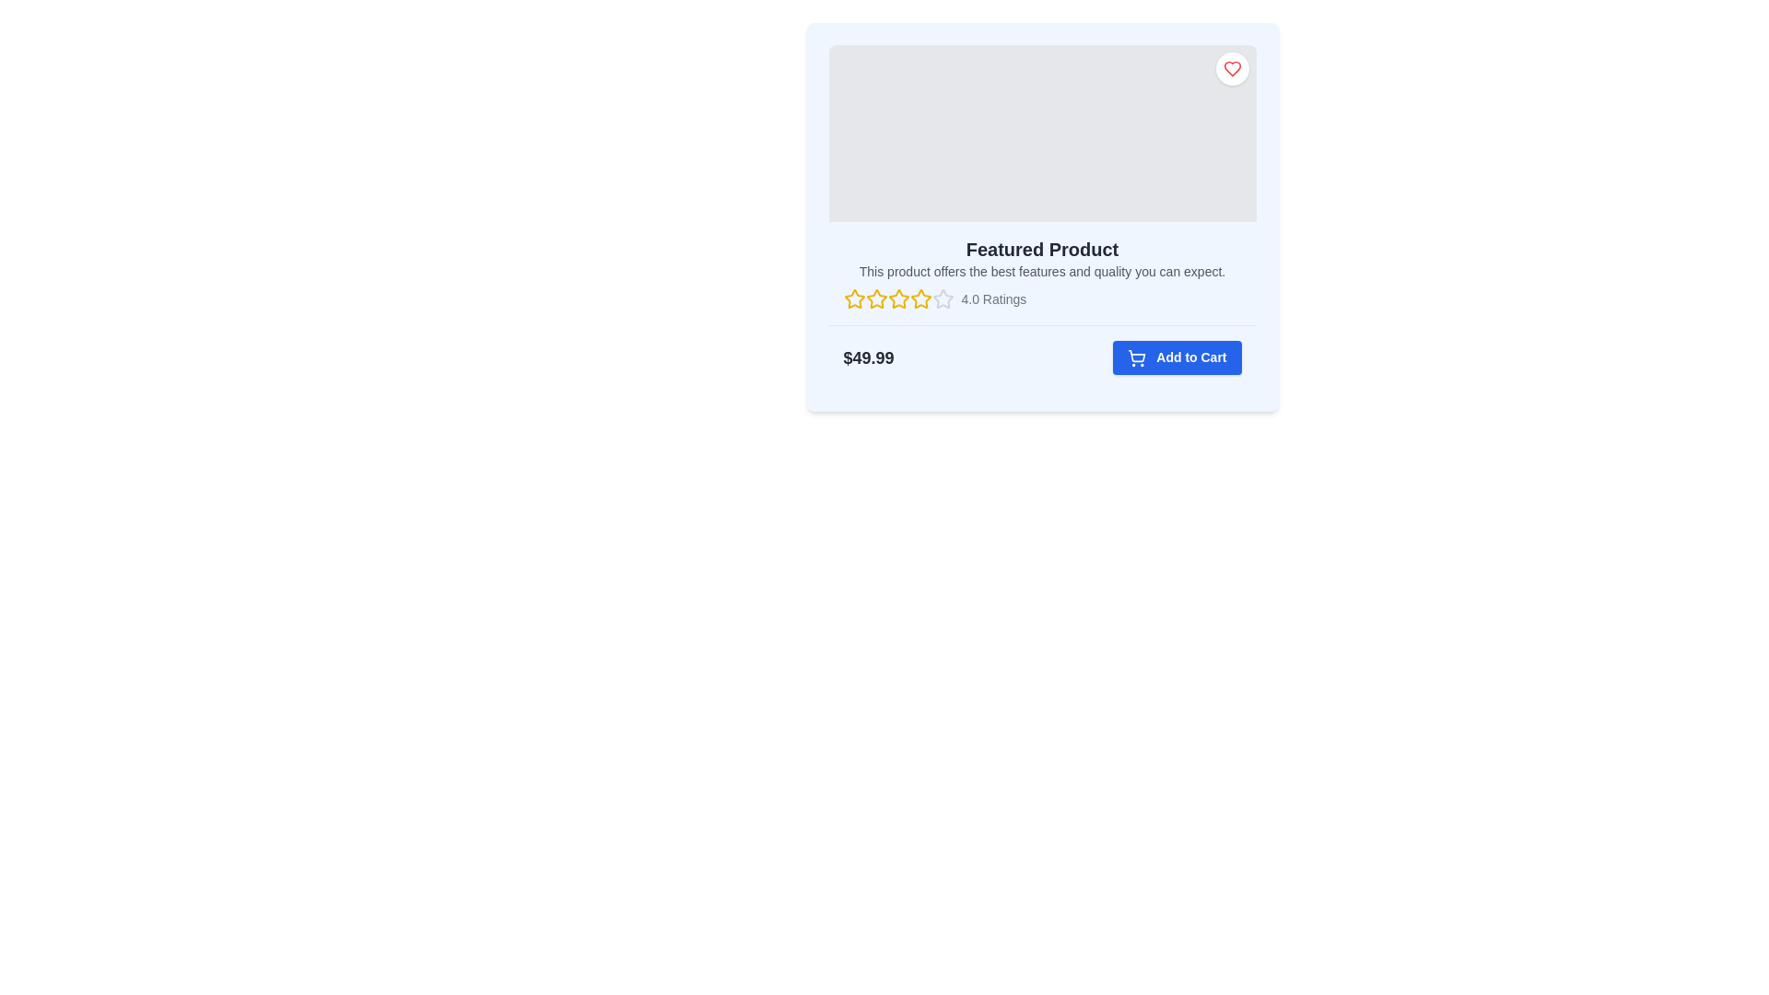  I want to click on the button located at the bottom-right corner of the product card, so click(1176, 357).